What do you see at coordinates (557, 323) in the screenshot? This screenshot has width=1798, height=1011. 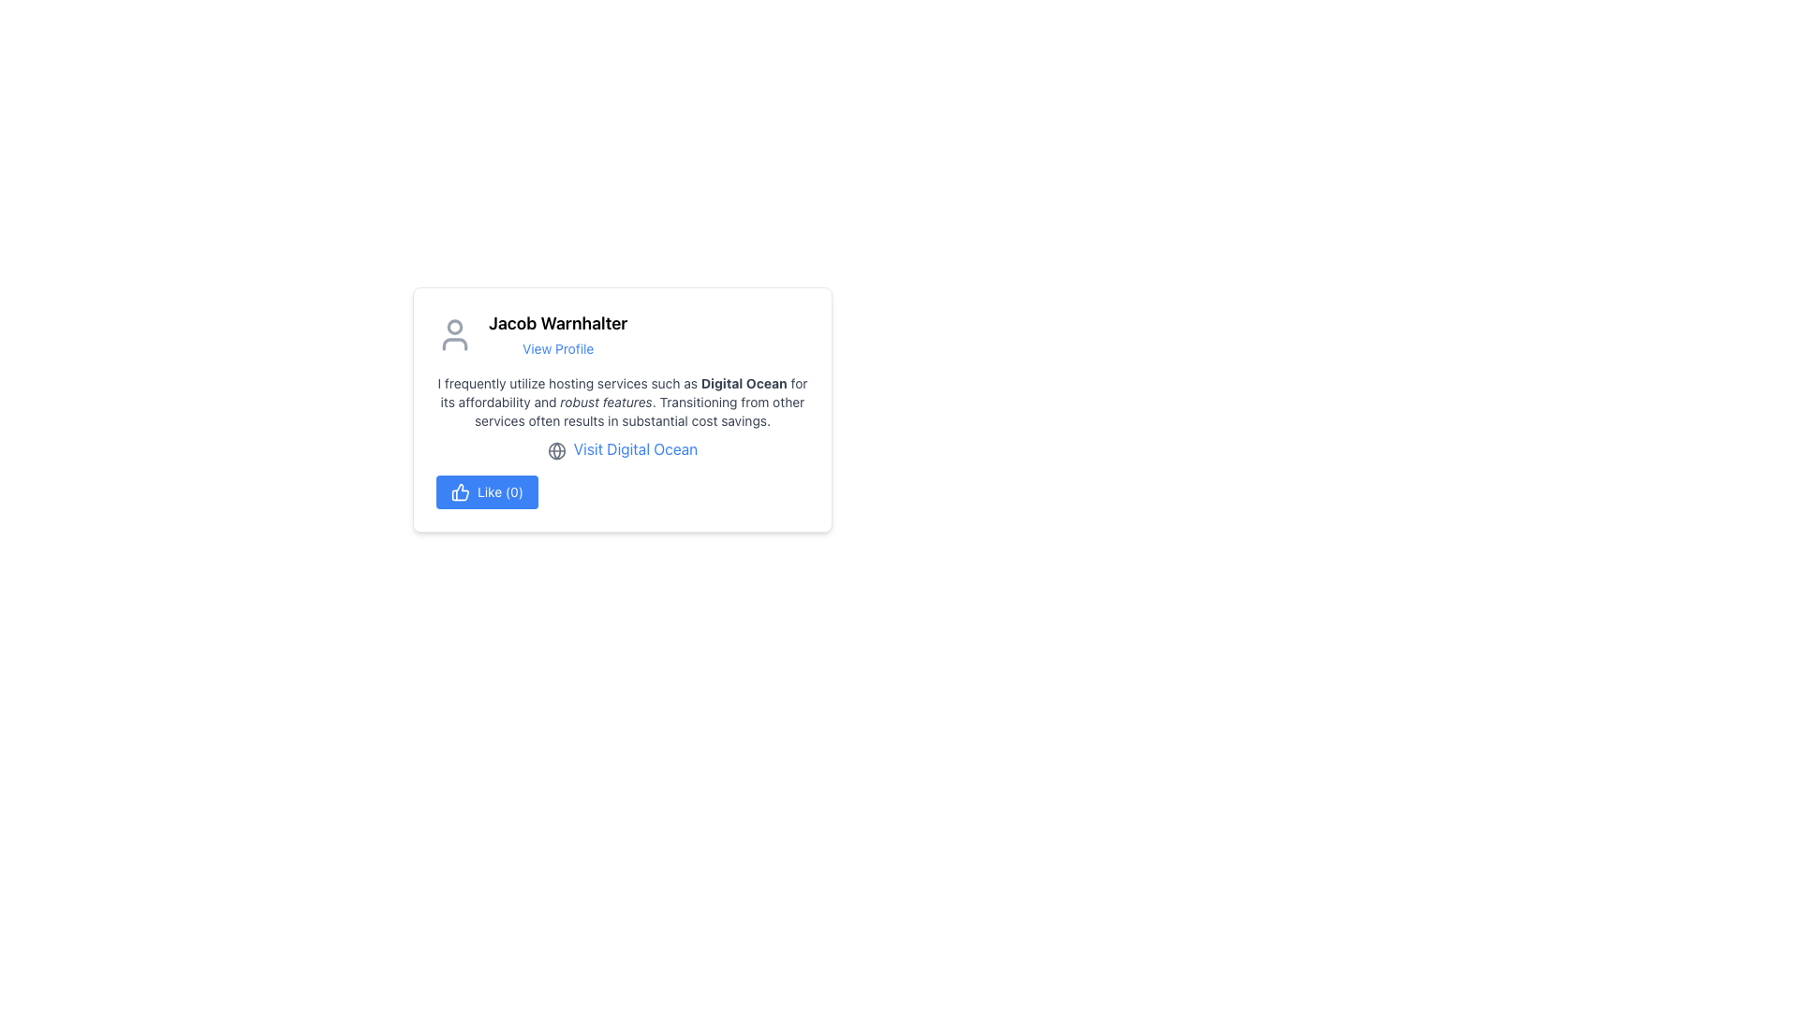 I see `the text label 'Jacob Warnhalter', which is styled in bold and larger size, located at the top of a card-like user interface` at bounding box center [557, 323].